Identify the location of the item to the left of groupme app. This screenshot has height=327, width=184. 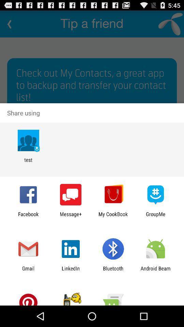
(113, 217).